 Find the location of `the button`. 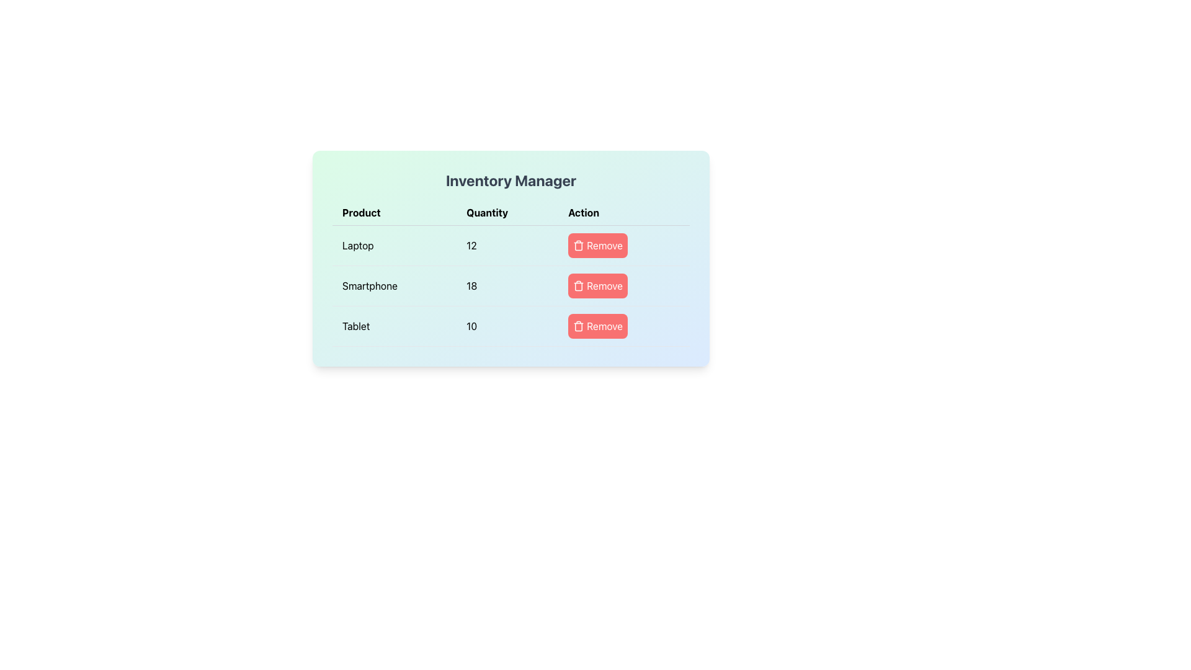

the button is located at coordinates (624, 286).